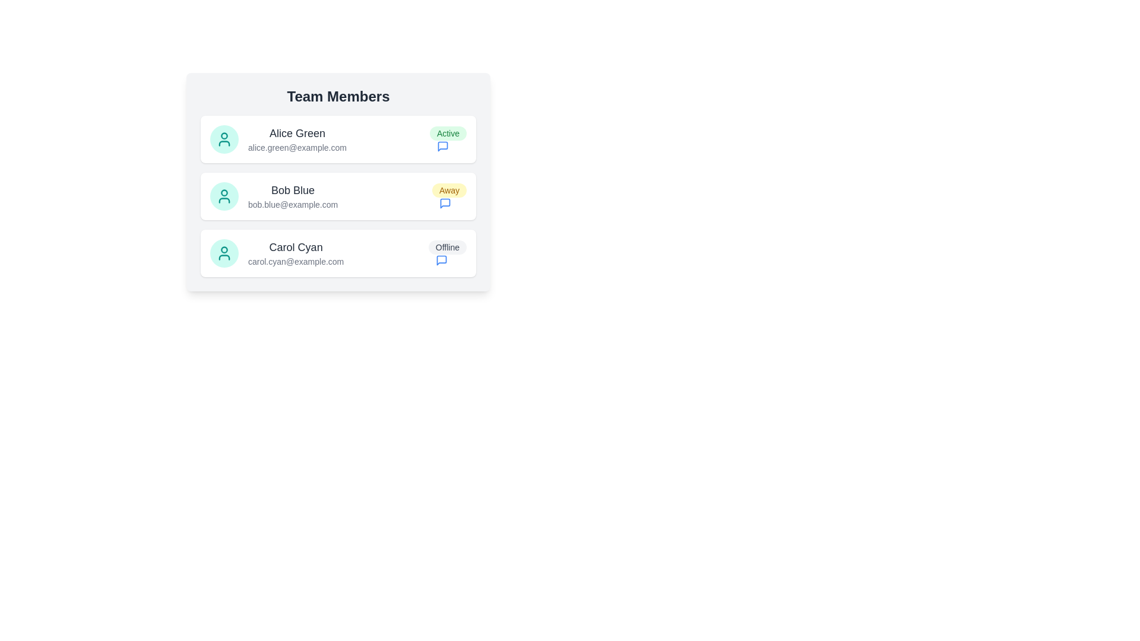  Describe the element at coordinates (338, 182) in the screenshot. I see `displayed information from the second Informational card component in the 'Team Members' list, which contains details about a specific team member` at that location.